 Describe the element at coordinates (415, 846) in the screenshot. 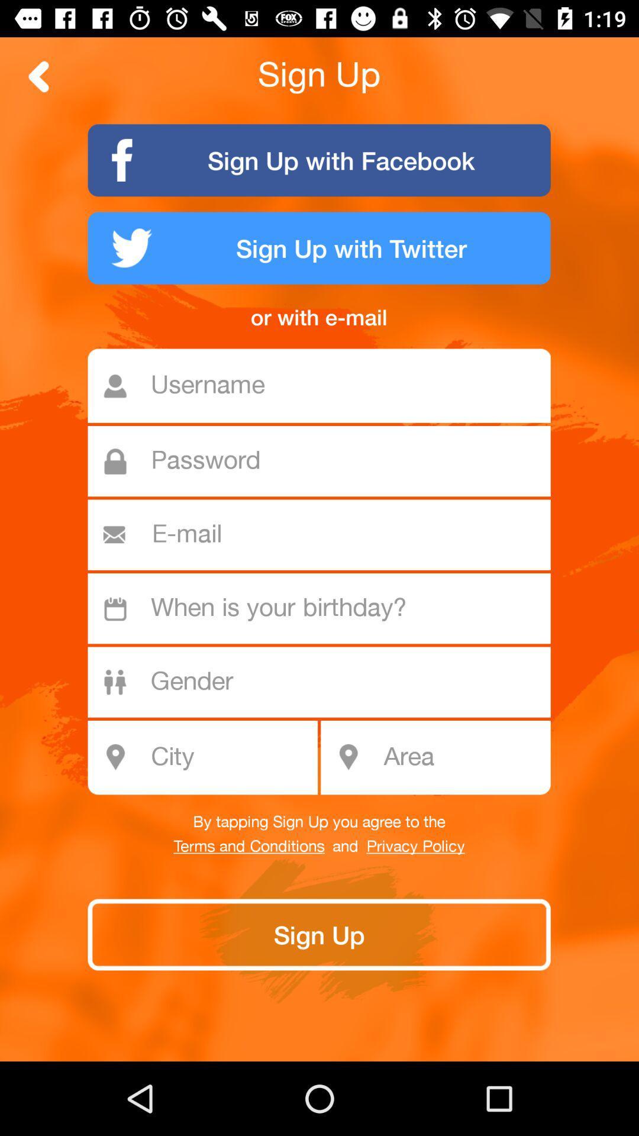

I see `the item next to and item` at that location.